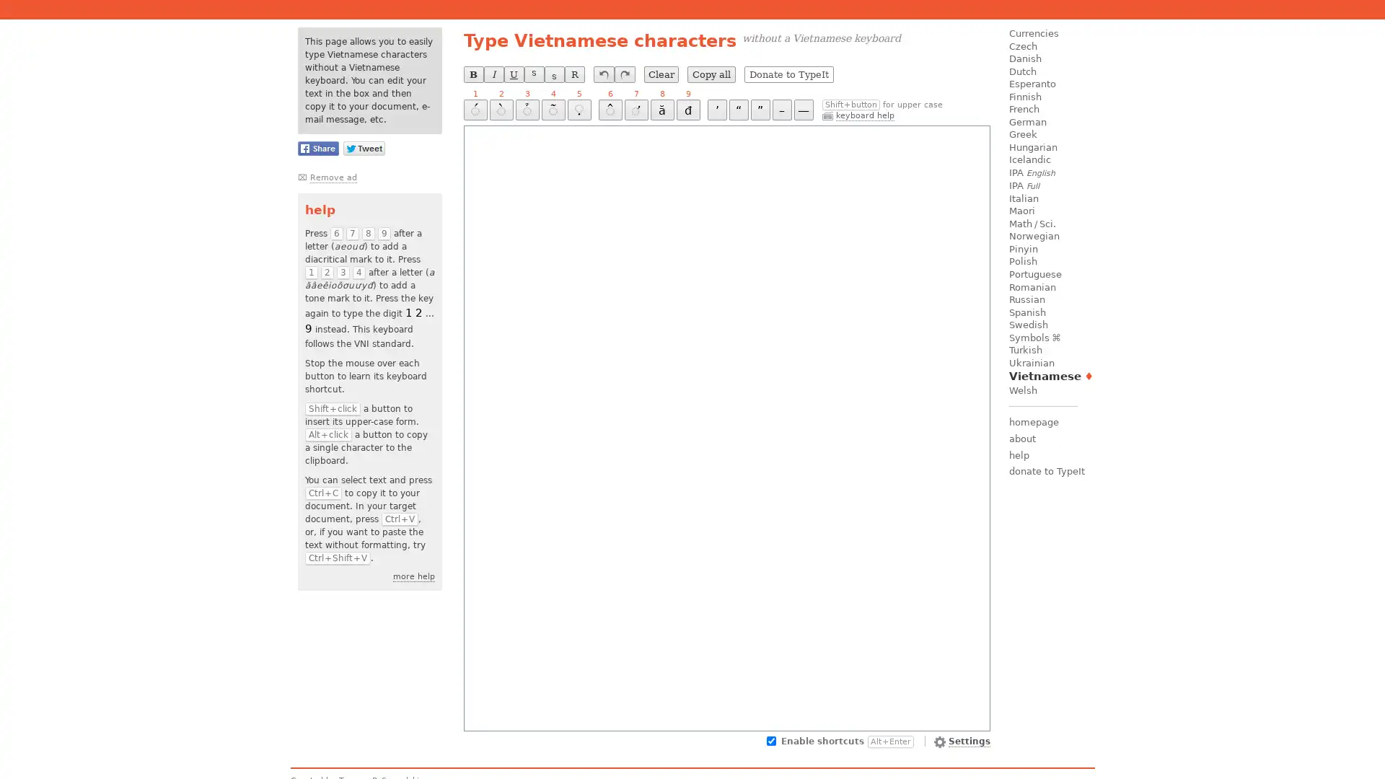 This screenshot has height=779, width=1385. I want to click on Share this page on Facebook, so click(317, 148).